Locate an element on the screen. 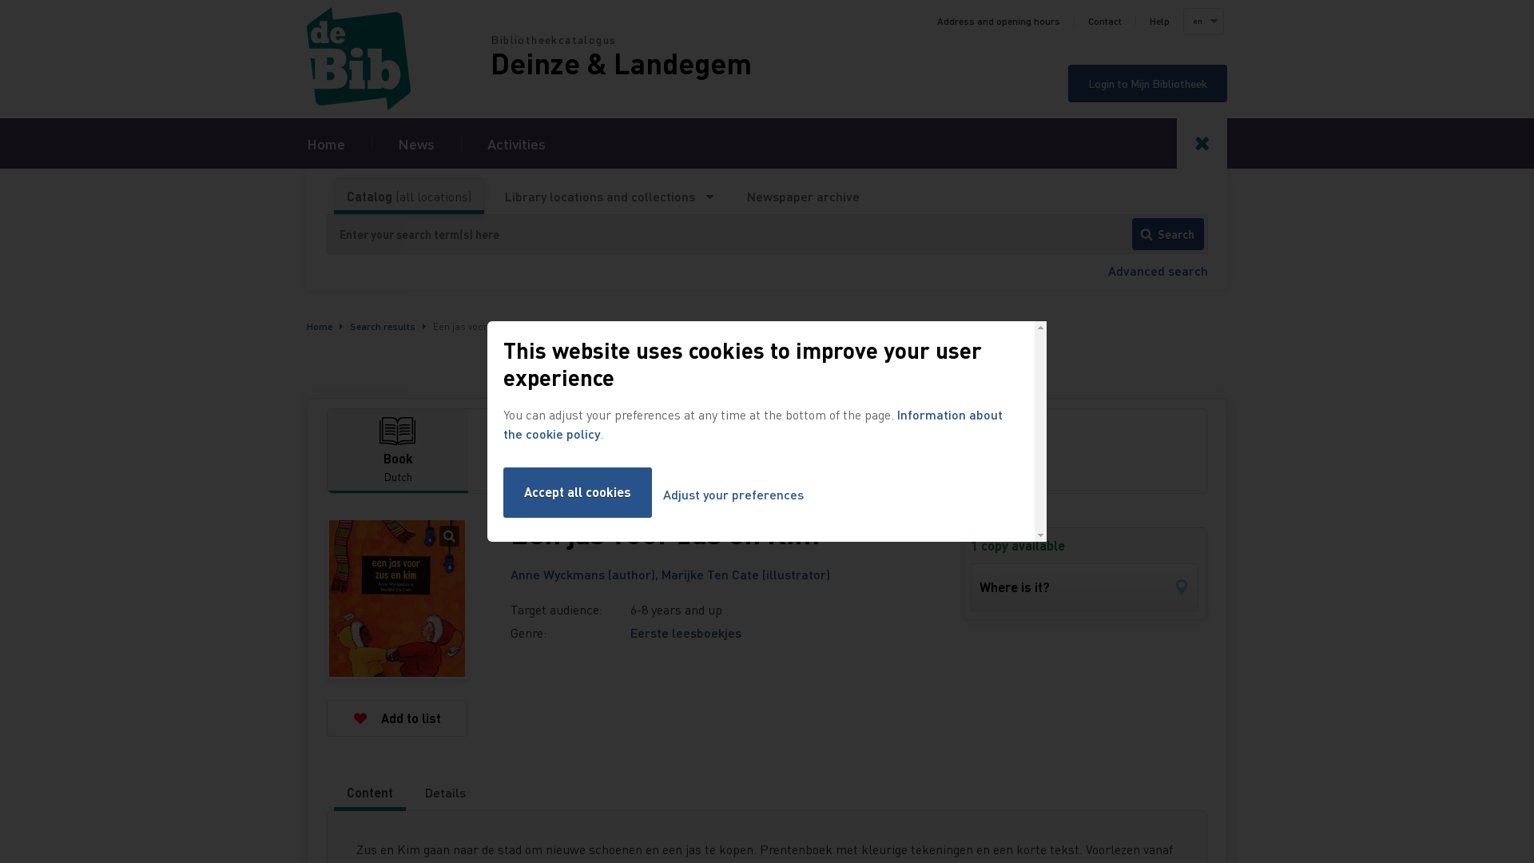 Image resolution: width=1534 pixels, height=863 pixels. 'Search results' is located at coordinates (382, 325).